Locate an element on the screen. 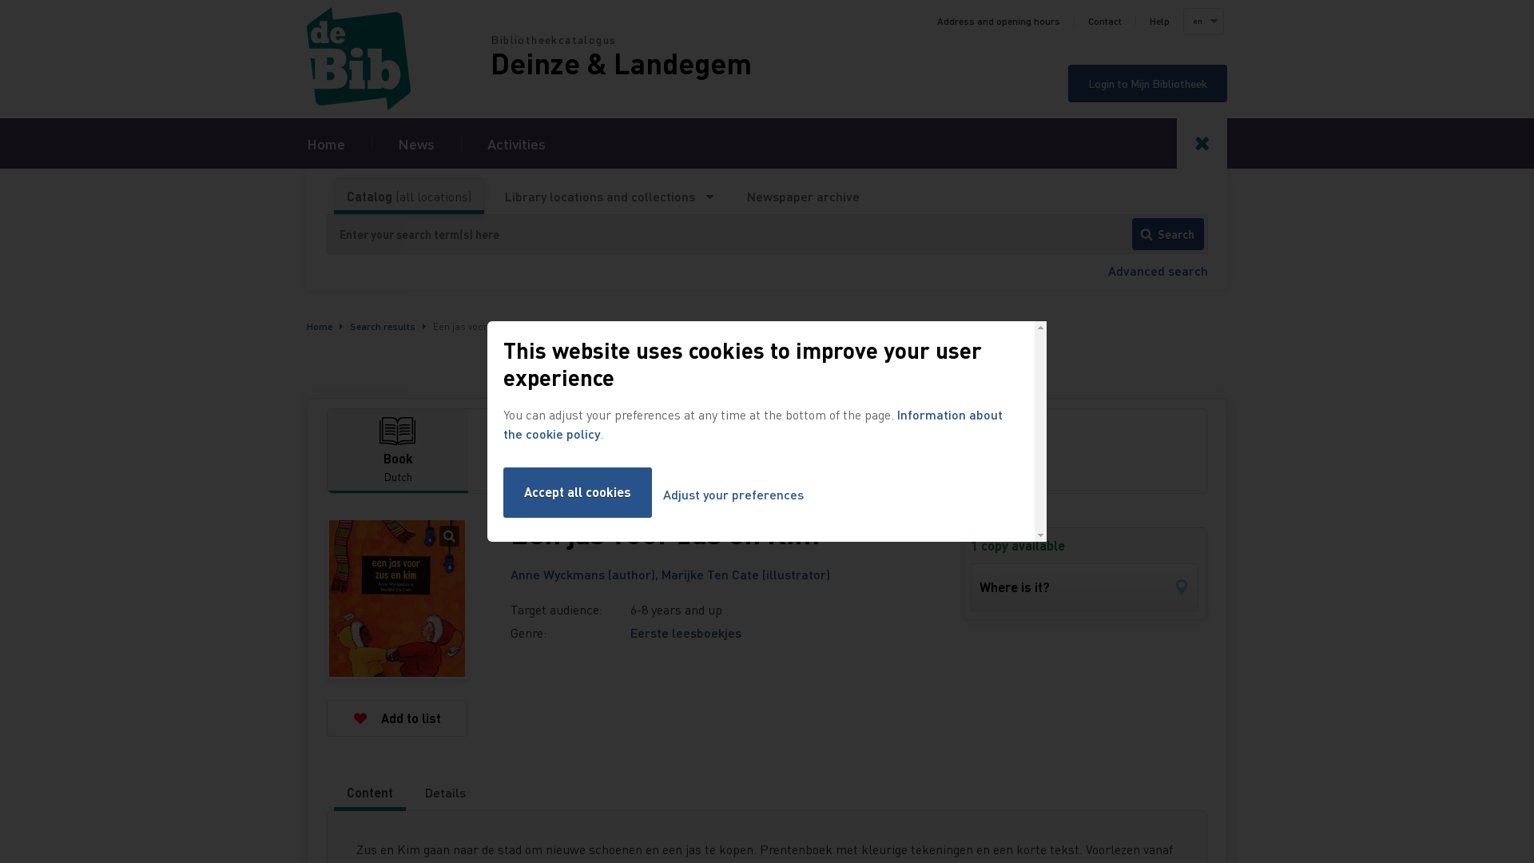 Image resolution: width=1534 pixels, height=863 pixels. 'Search results' is located at coordinates (382, 325).